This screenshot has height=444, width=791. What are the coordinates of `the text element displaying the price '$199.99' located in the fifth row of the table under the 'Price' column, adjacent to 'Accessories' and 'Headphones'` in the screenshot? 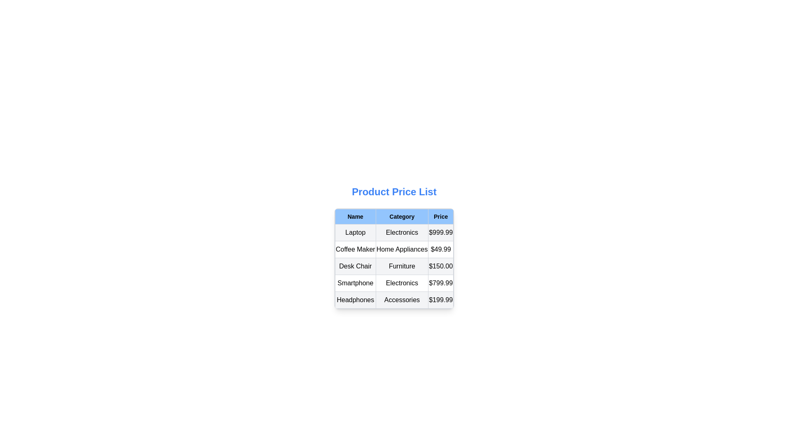 It's located at (440, 300).